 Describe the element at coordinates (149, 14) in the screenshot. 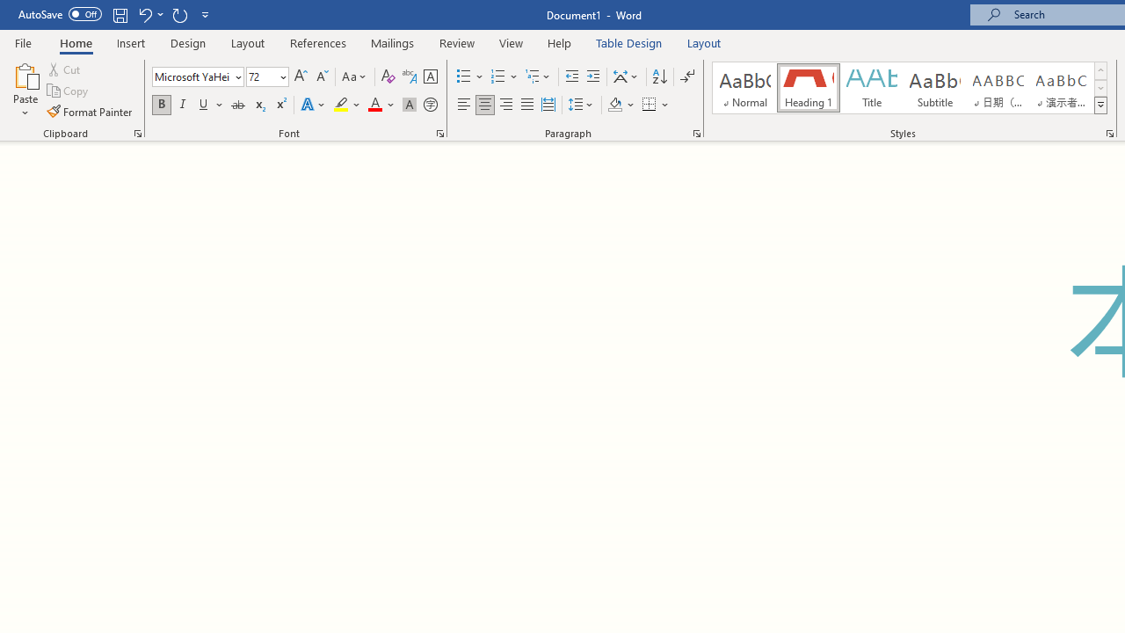

I see `'Undo Grow Font'` at that location.